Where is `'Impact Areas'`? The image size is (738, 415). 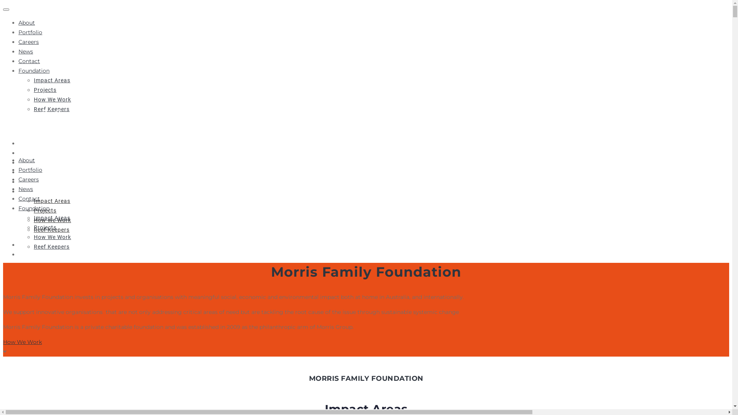
'Impact Areas' is located at coordinates (52, 218).